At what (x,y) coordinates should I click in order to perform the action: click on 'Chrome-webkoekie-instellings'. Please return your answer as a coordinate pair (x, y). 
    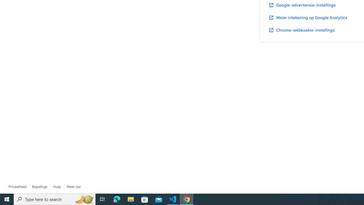
    Looking at the image, I should click on (301, 30).